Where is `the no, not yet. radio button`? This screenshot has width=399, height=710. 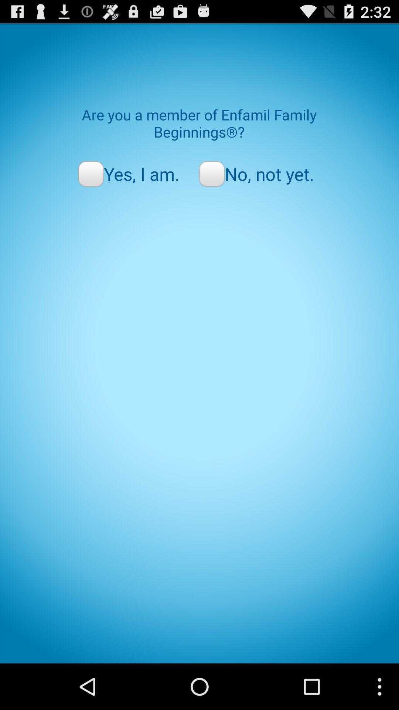
the no, not yet. radio button is located at coordinates (256, 173).